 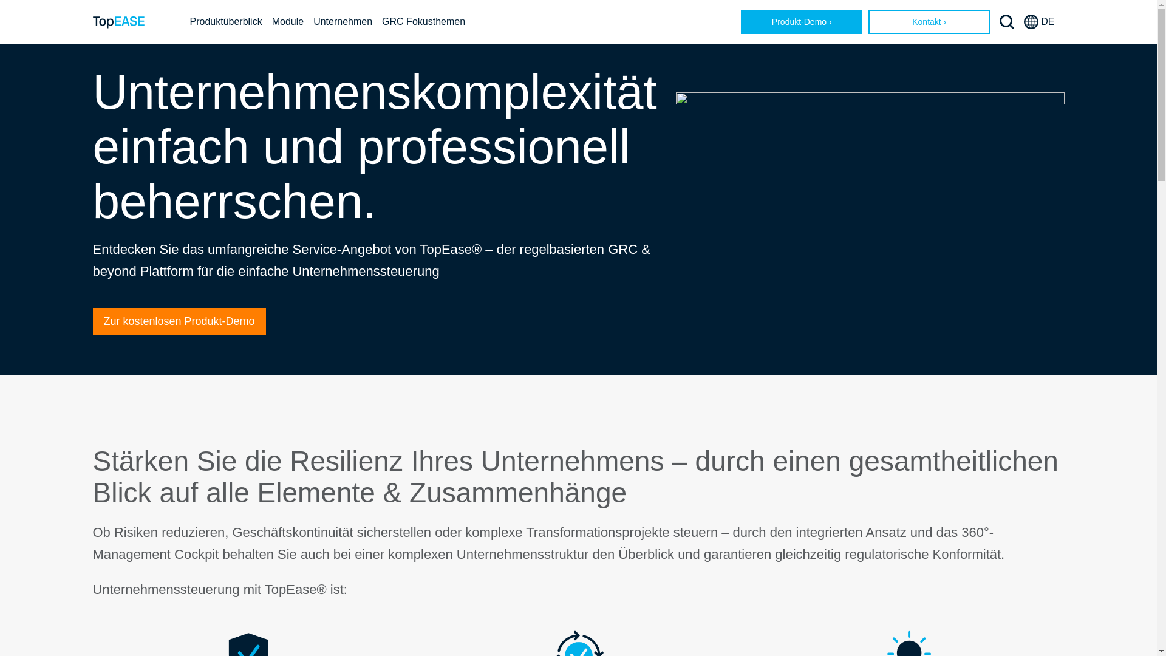 What do you see at coordinates (802, 21) in the screenshot?
I see `'Produkt-Demo'` at bounding box center [802, 21].